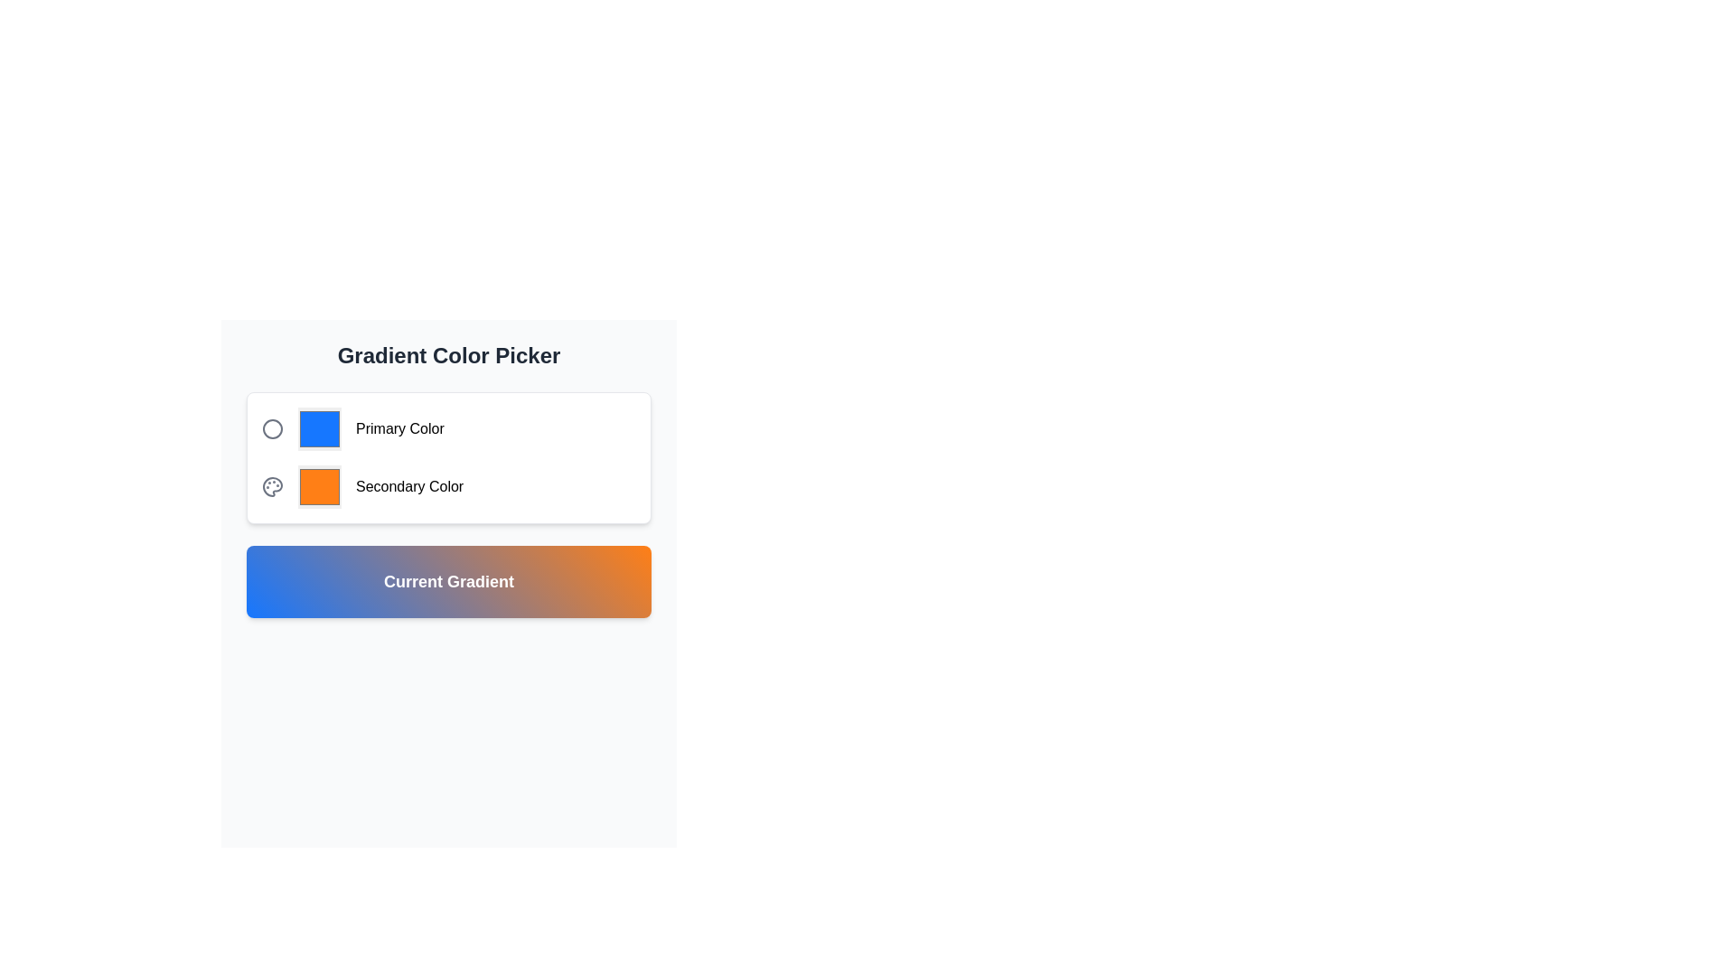 The image size is (1735, 976). Describe the element at coordinates (449, 582) in the screenshot. I see `the 'Current Gradient' text label, which is a white, bold, medium-large font label centered in a gradient area from blue to orange` at that location.